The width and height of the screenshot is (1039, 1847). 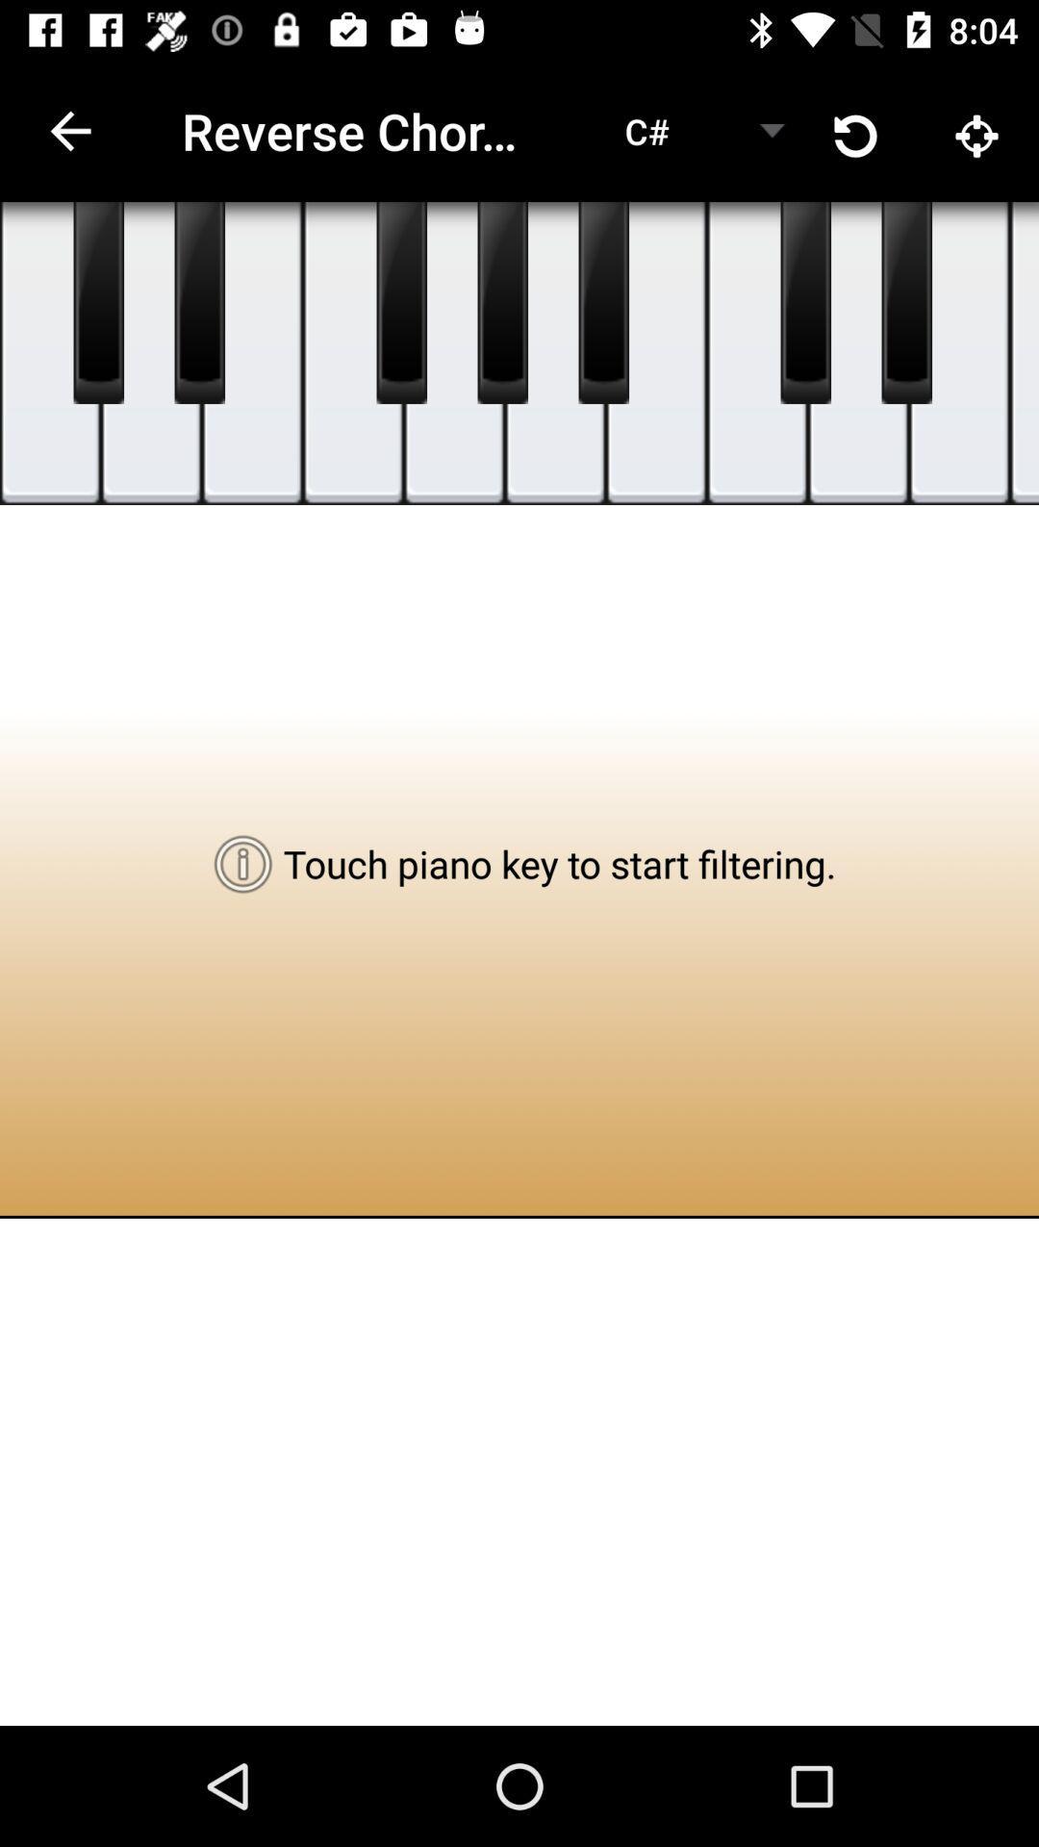 I want to click on the sound, so click(x=857, y=353).